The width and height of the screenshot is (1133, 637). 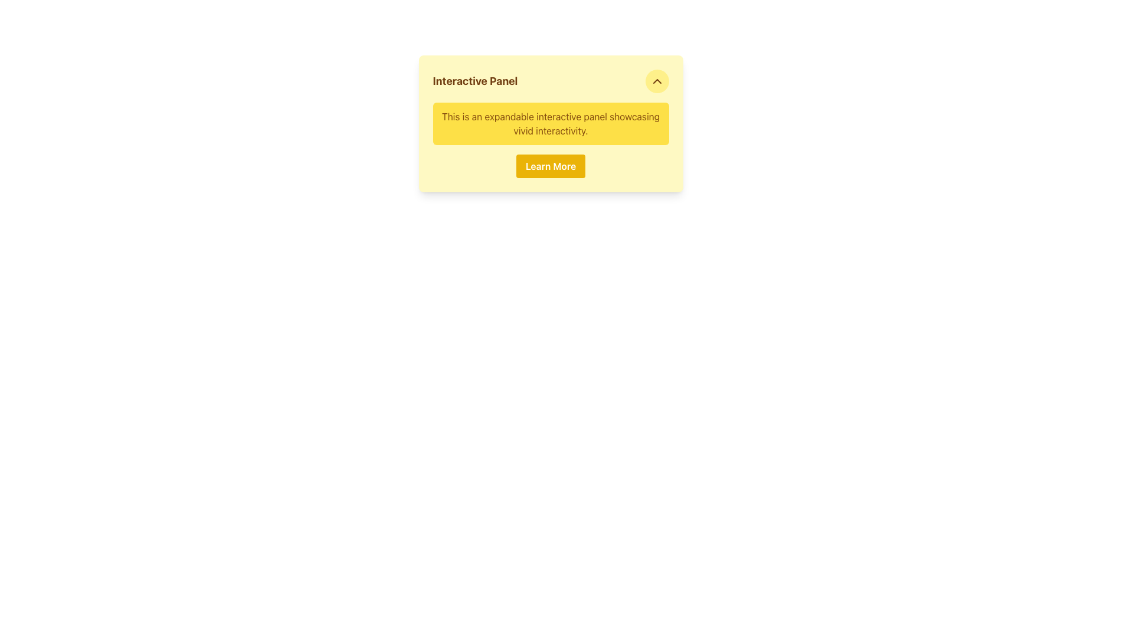 What do you see at coordinates (550, 166) in the screenshot?
I see `the call-to-action button located at the bottom section of the interactive panel` at bounding box center [550, 166].